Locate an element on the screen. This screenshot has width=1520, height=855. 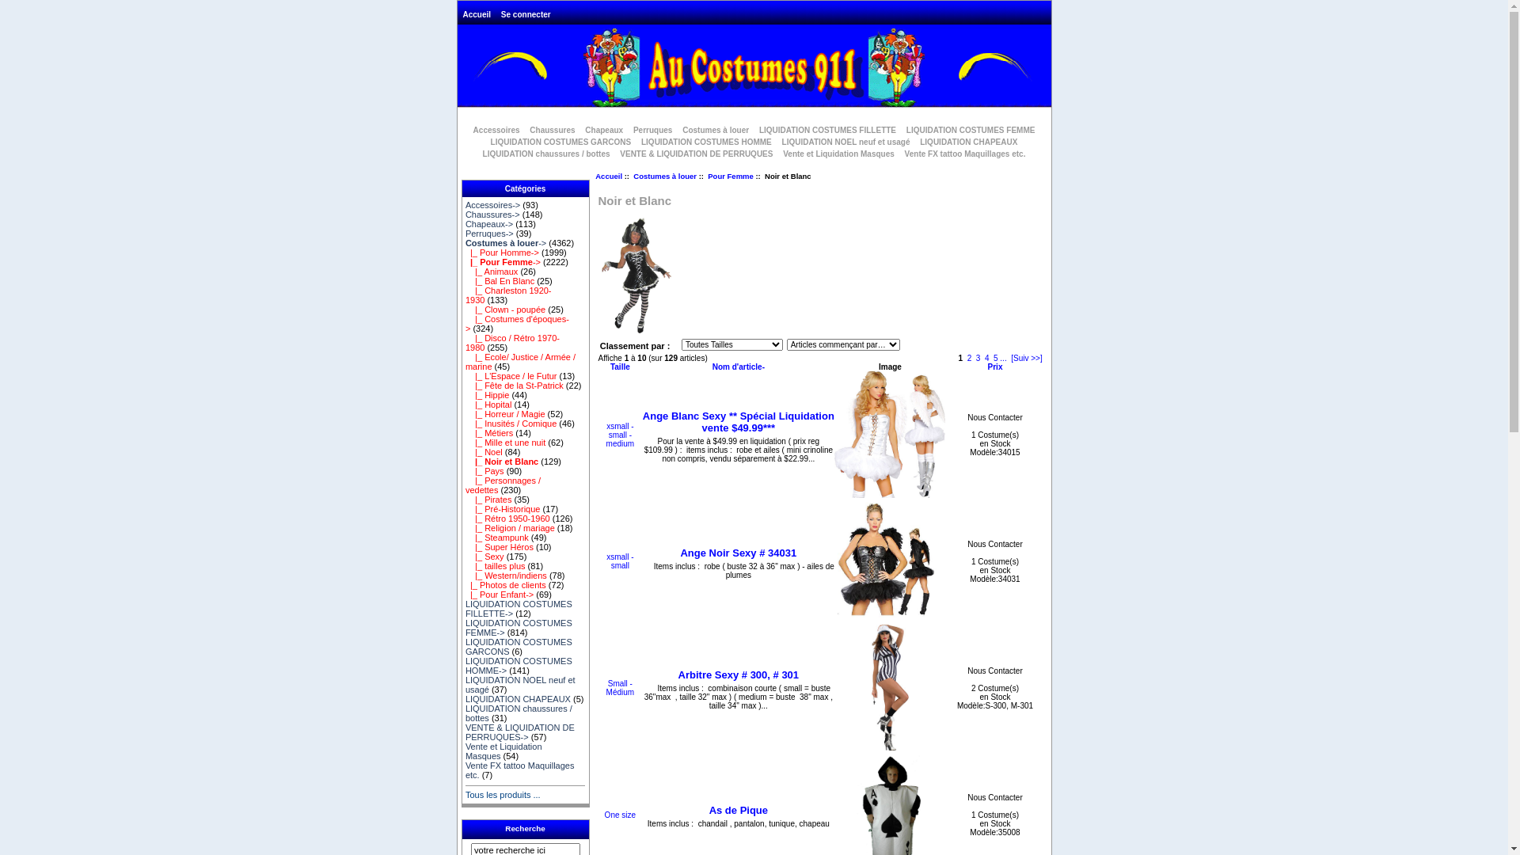
'Pour Femme' is located at coordinates (729, 176).